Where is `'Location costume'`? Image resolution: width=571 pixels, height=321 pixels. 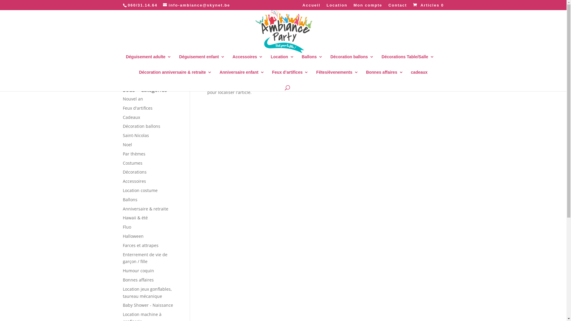 'Location costume' is located at coordinates (122, 190).